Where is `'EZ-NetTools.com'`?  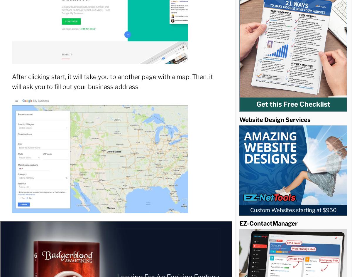
'EZ-NetTools.com' is located at coordinates (229, 127).